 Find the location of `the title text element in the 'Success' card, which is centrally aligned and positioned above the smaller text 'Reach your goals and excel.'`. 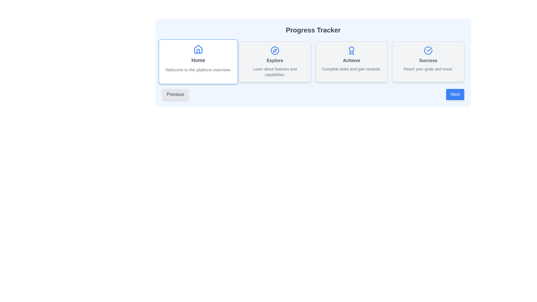

the title text element in the 'Success' card, which is centrally aligned and positioned above the smaller text 'Reach your goals and excel.' is located at coordinates (428, 60).